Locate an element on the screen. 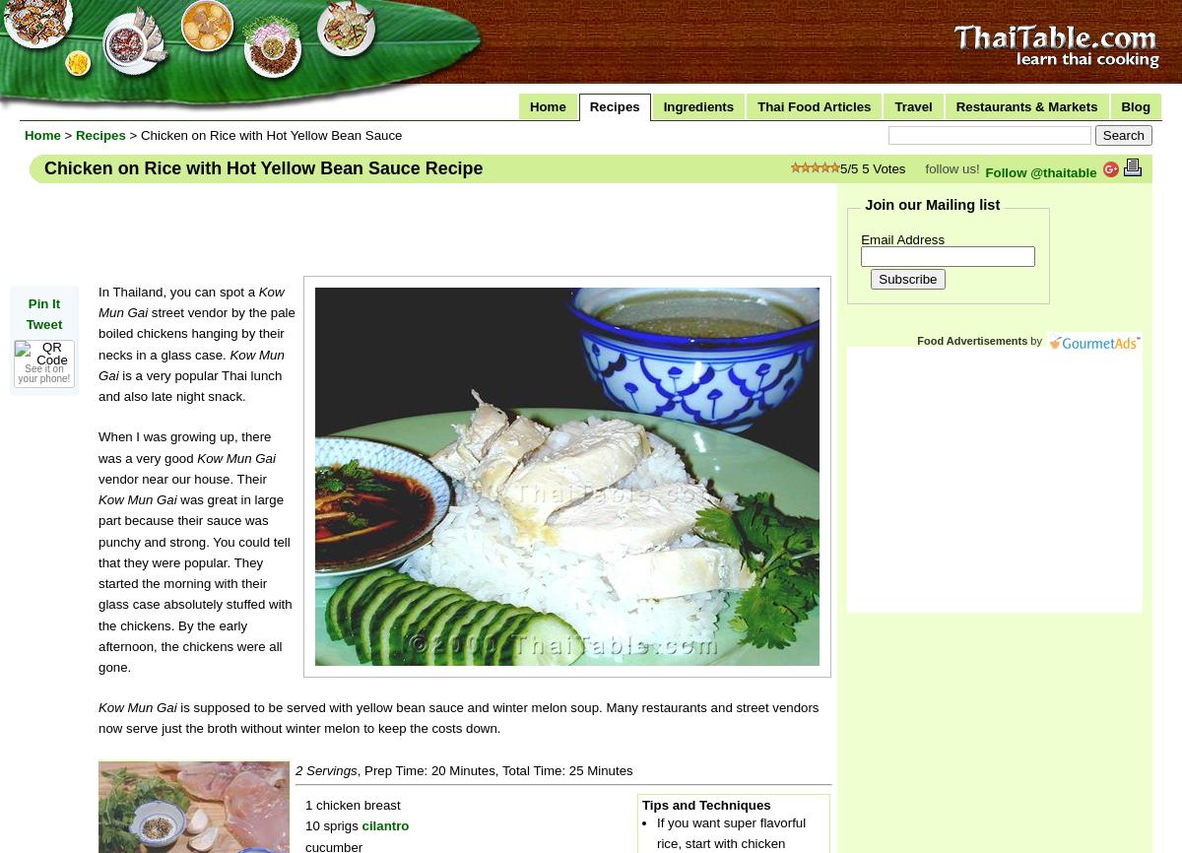 The image size is (1182, 853). 'is supposed to be served with yellow bean sauce and winter melon soup.  Many restaurants and street vendors now serve just the broth without winter melon to keep the costs down.' is located at coordinates (457, 716).